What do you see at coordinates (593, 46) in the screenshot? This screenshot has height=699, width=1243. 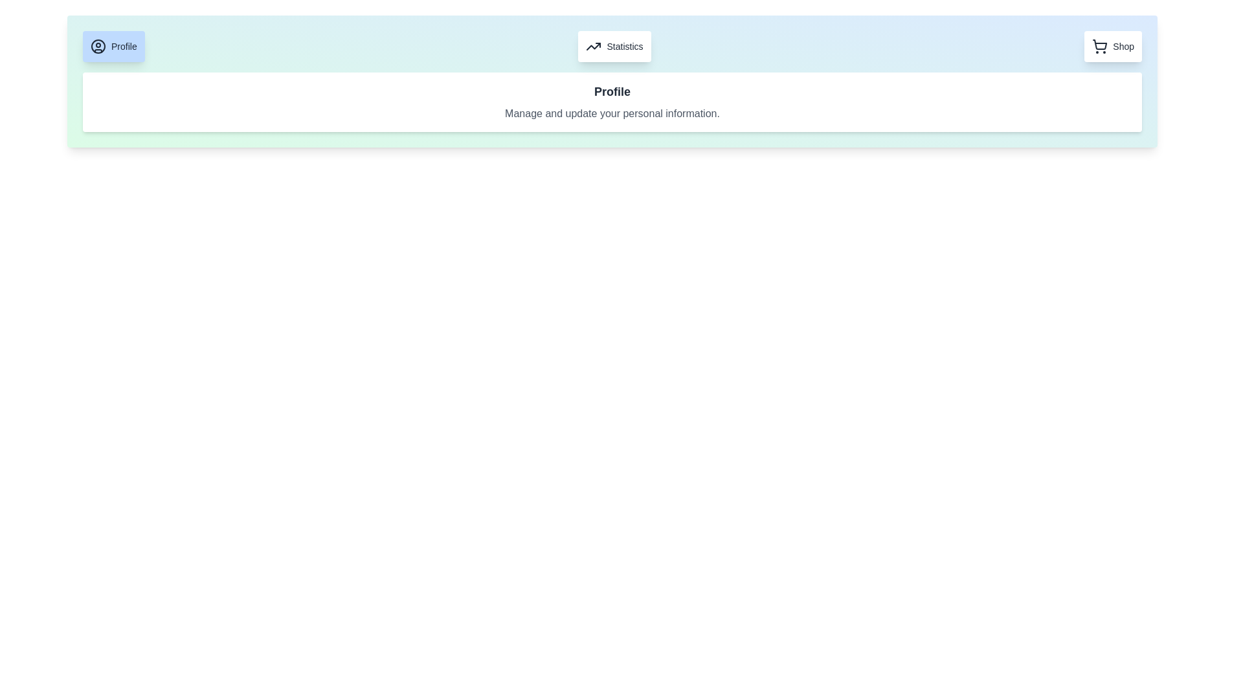 I see `the 'Statistics' icon, which visually represents the concept of 'Statistics' and is located to the left of the text 'Statistics'` at bounding box center [593, 46].